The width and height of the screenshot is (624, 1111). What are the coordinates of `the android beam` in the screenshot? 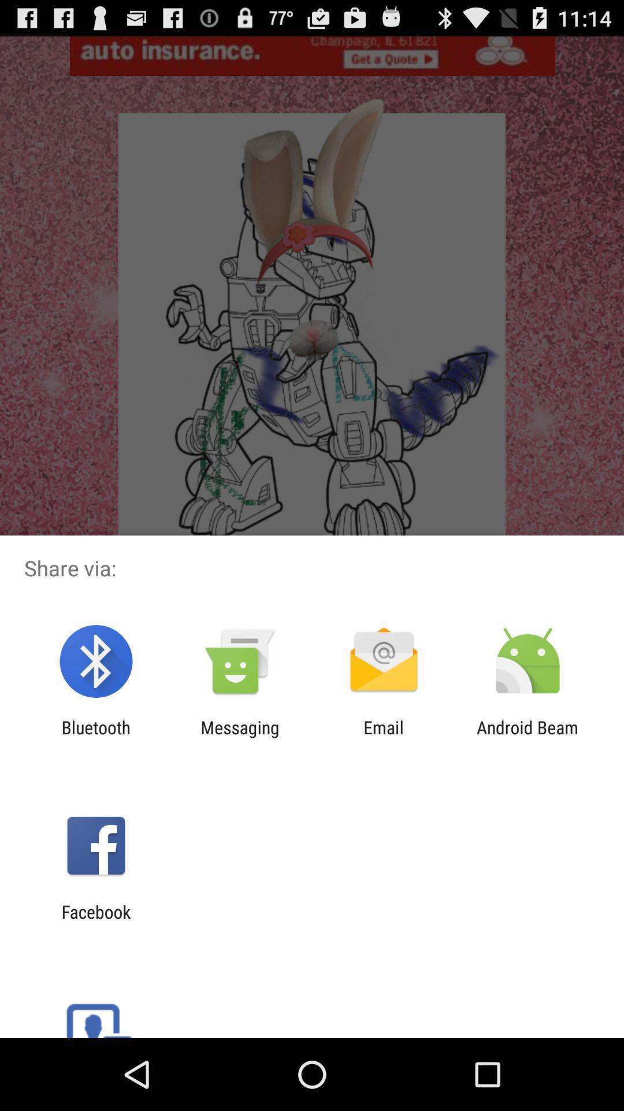 It's located at (528, 737).